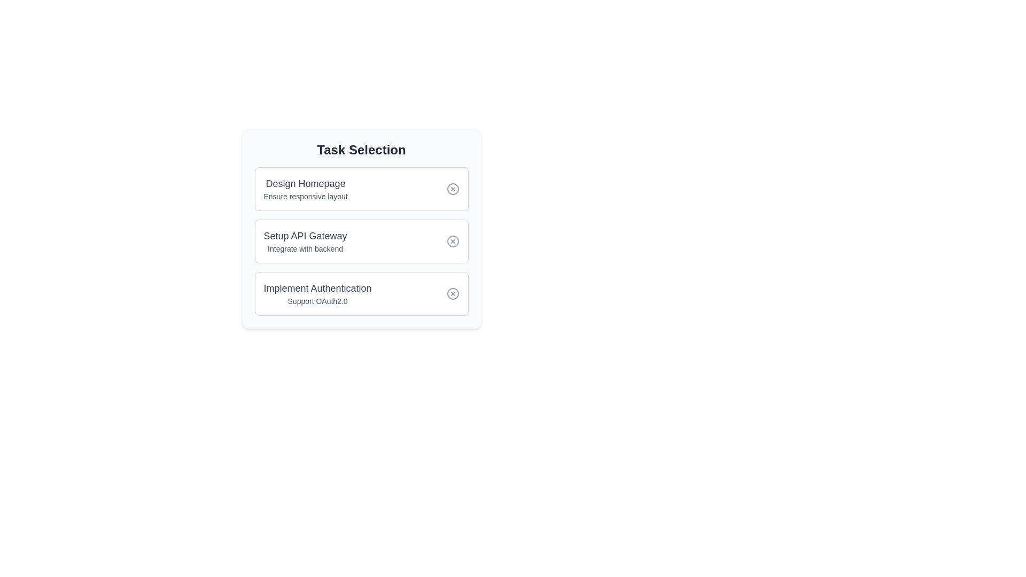 The width and height of the screenshot is (1026, 577). What do you see at coordinates (305, 196) in the screenshot?
I see `the static text displaying 'Ensure responsive layout', which is located beneath the heading 'Design Homepage' within the bordered panel under 'Task Selection'` at bounding box center [305, 196].